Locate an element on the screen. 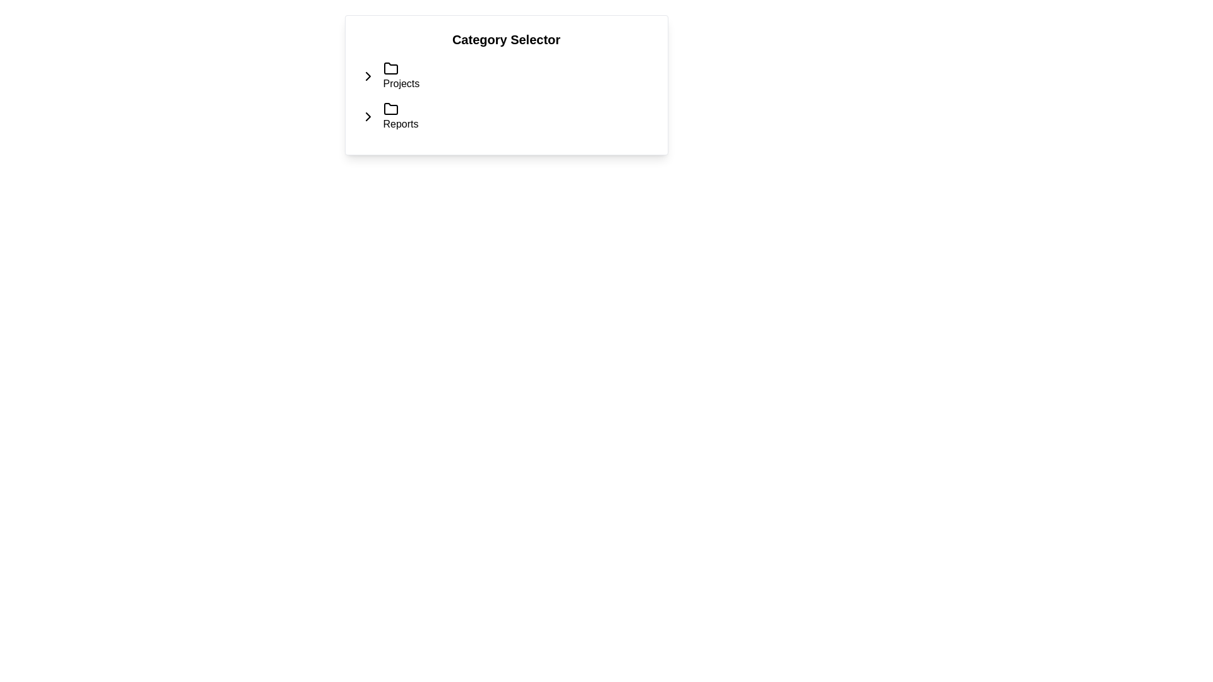 This screenshot has width=1213, height=682. the second interactive item in a vertical list, which functions as a selectable button for navigating to or viewing reports is located at coordinates (400, 117).